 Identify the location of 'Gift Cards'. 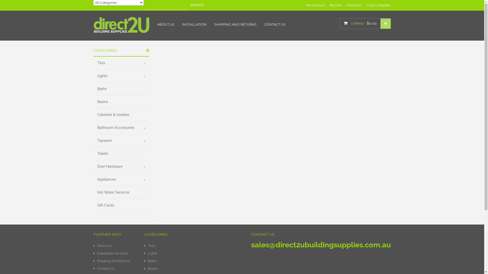
(121, 205).